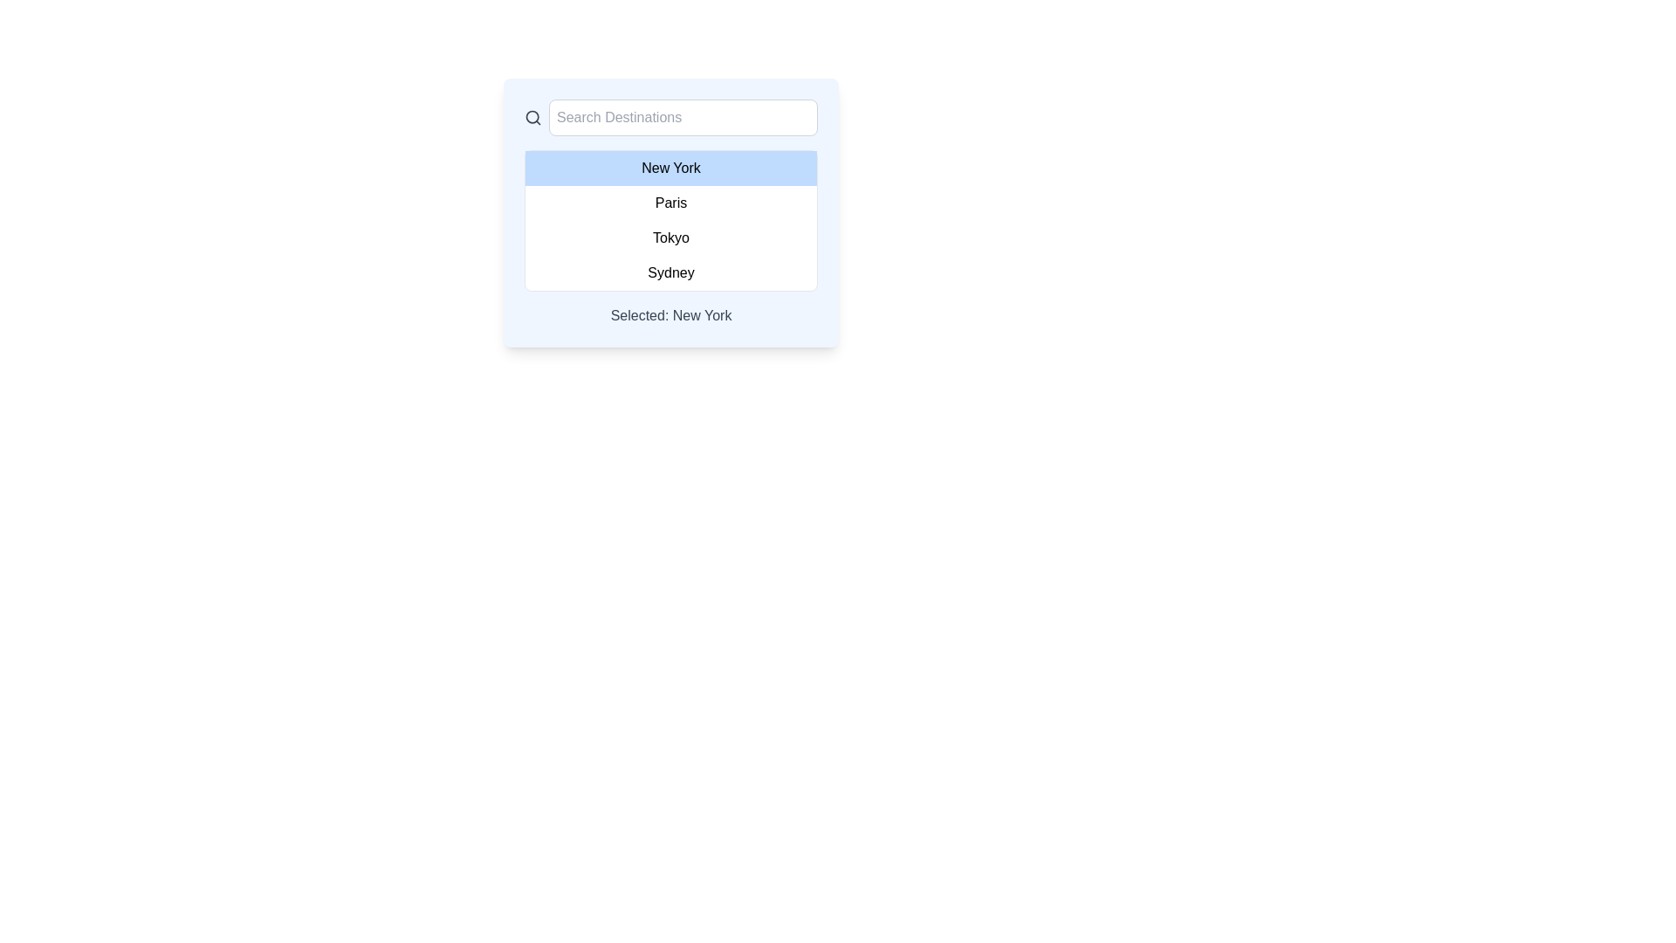 The width and height of the screenshot is (1676, 943). Describe the element at coordinates (670, 272) in the screenshot. I see `the text label displaying 'Sydney', which is the last item in the dropdown menu list of options` at that location.